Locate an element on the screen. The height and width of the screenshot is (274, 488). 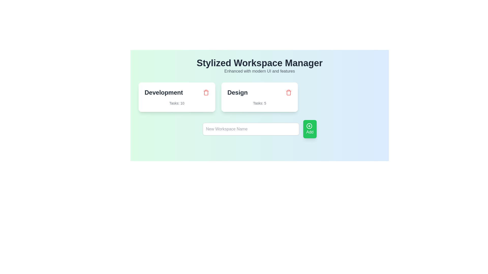
the descriptive tagline text element located directly below the 'Stylized Workspace Manager' title, which emphasizes the features of the application is located at coordinates (260, 71).